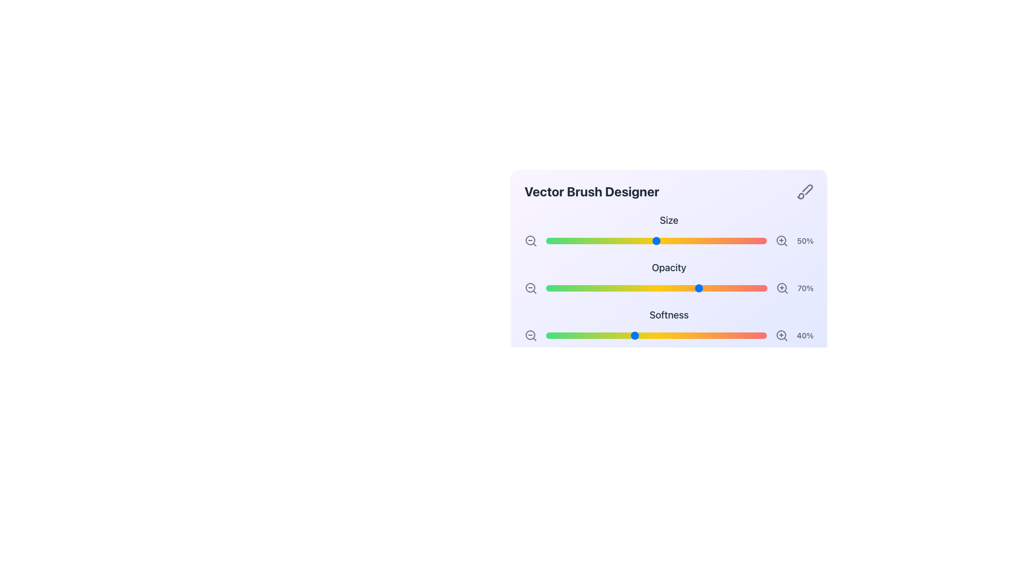  What do you see at coordinates (742, 335) in the screenshot?
I see `softness` at bounding box center [742, 335].